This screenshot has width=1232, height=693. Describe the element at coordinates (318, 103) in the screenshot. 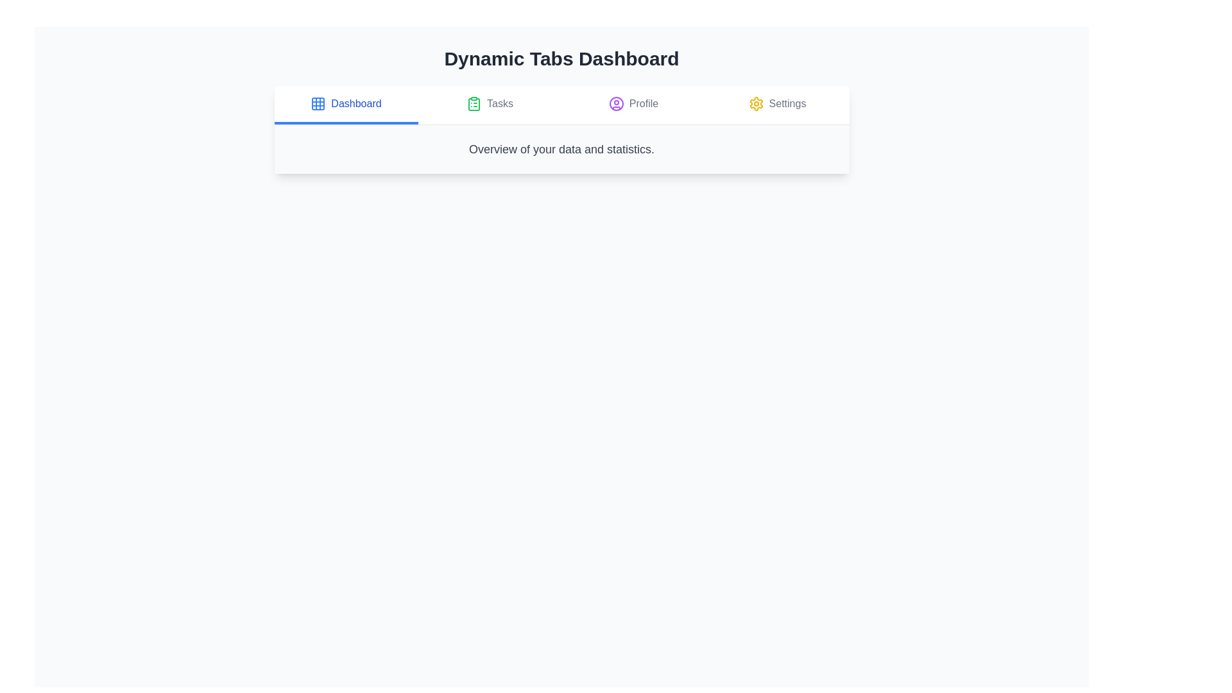

I see `the top-left corner icon of the 3x3 grid that represents the 'Dashboard' section in the navigation menu` at that location.